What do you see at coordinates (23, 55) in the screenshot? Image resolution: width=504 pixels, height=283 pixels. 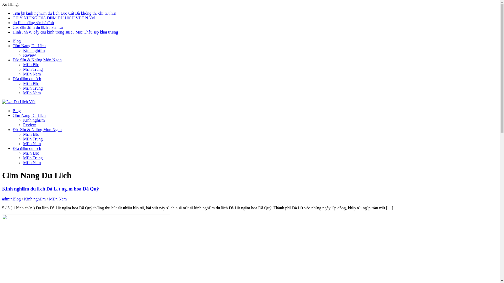 I see `'Review'` at bounding box center [23, 55].